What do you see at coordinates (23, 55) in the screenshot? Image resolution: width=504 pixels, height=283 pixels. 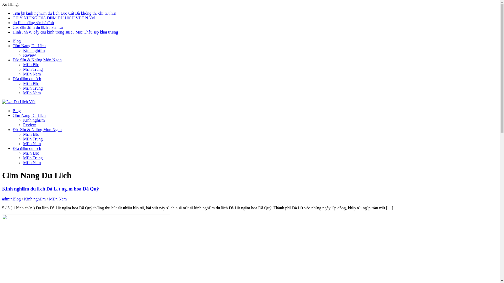 I see `'Review'` at bounding box center [23, 55].